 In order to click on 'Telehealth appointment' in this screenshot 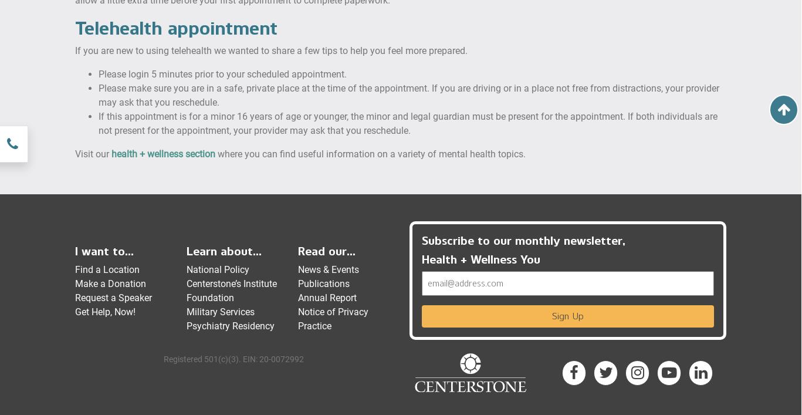, I will do `click(176, 27)`.